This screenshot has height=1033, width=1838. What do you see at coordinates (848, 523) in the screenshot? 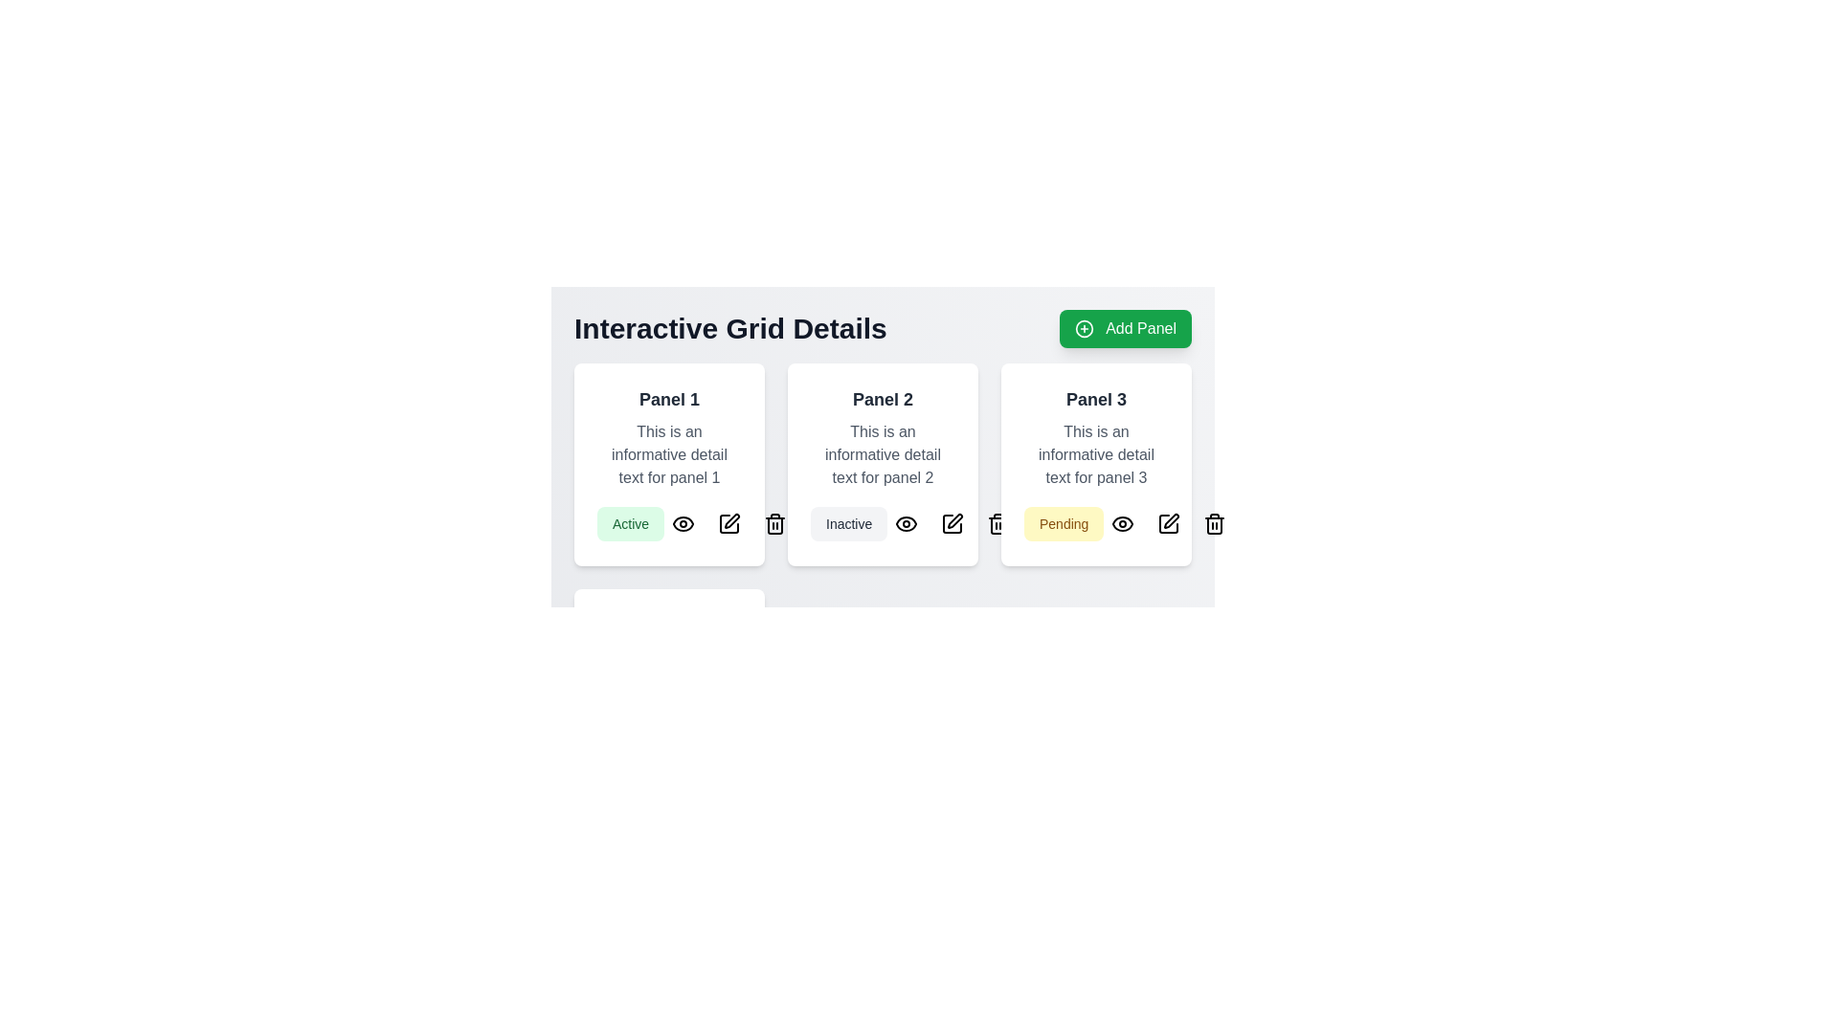
I see `the status indicator label in the lower section of Panel 2, which displays 'Inactive' to interact with it if functionality is added` at bounding box center [848, 523].